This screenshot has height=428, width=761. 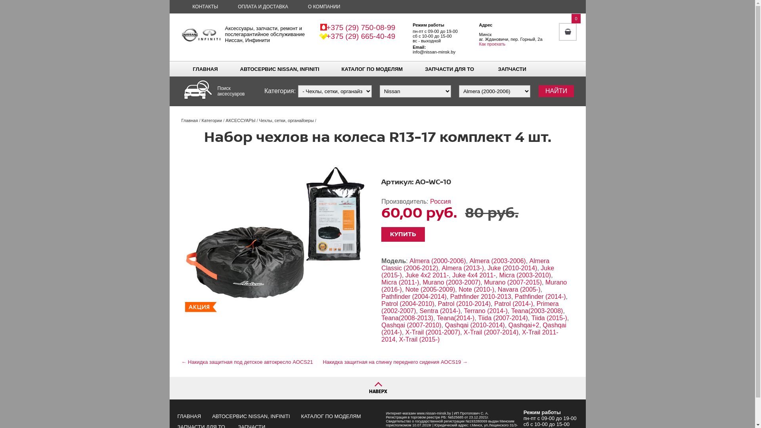 I want to click on 'Patrol (2004-2010)', so click(x=407, y=303).